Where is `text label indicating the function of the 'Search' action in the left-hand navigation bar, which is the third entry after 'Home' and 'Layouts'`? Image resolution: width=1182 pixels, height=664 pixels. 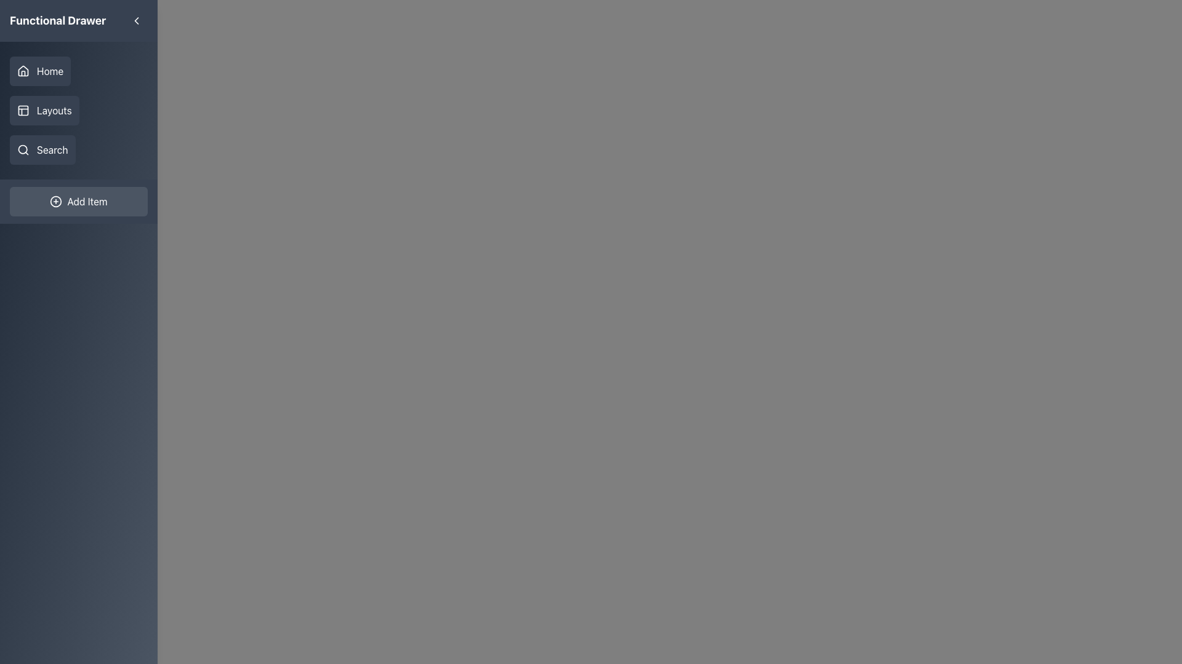 text label indicating the function of the 'Search' action in the left-hand navigation bar, which is the third entry after 'Home' and 'Layouts' is located at coordinates (52, 149).